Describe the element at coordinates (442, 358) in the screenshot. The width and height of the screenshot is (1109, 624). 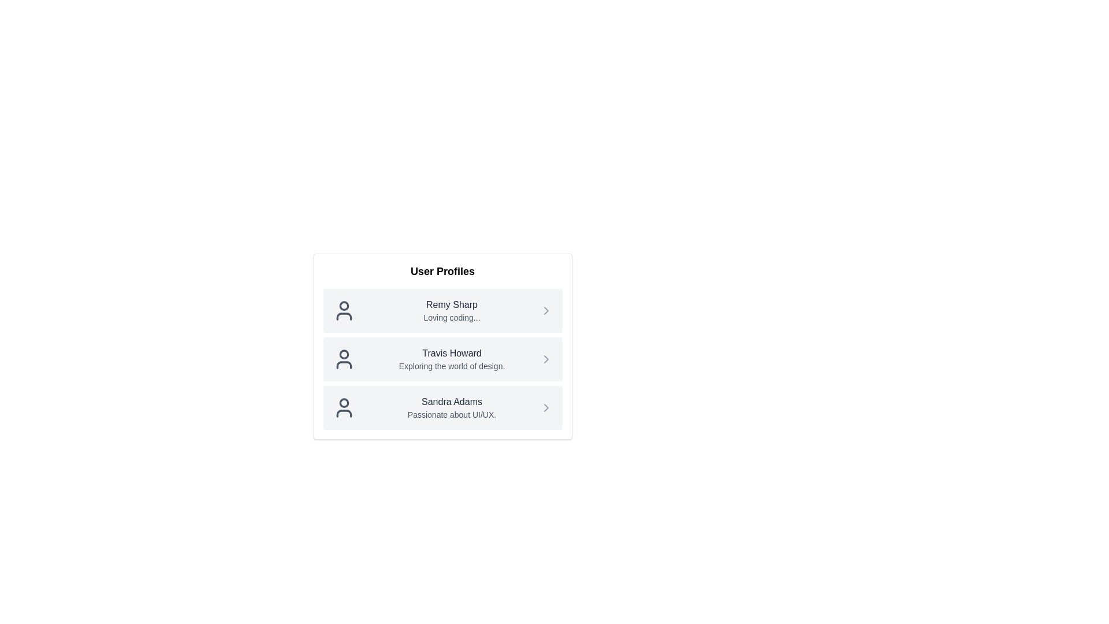
I see `the second Profile card in the vertical list, which has a pale gray background and contains an icon on the left, text in the center, and a chevron icon on the right` at that location.